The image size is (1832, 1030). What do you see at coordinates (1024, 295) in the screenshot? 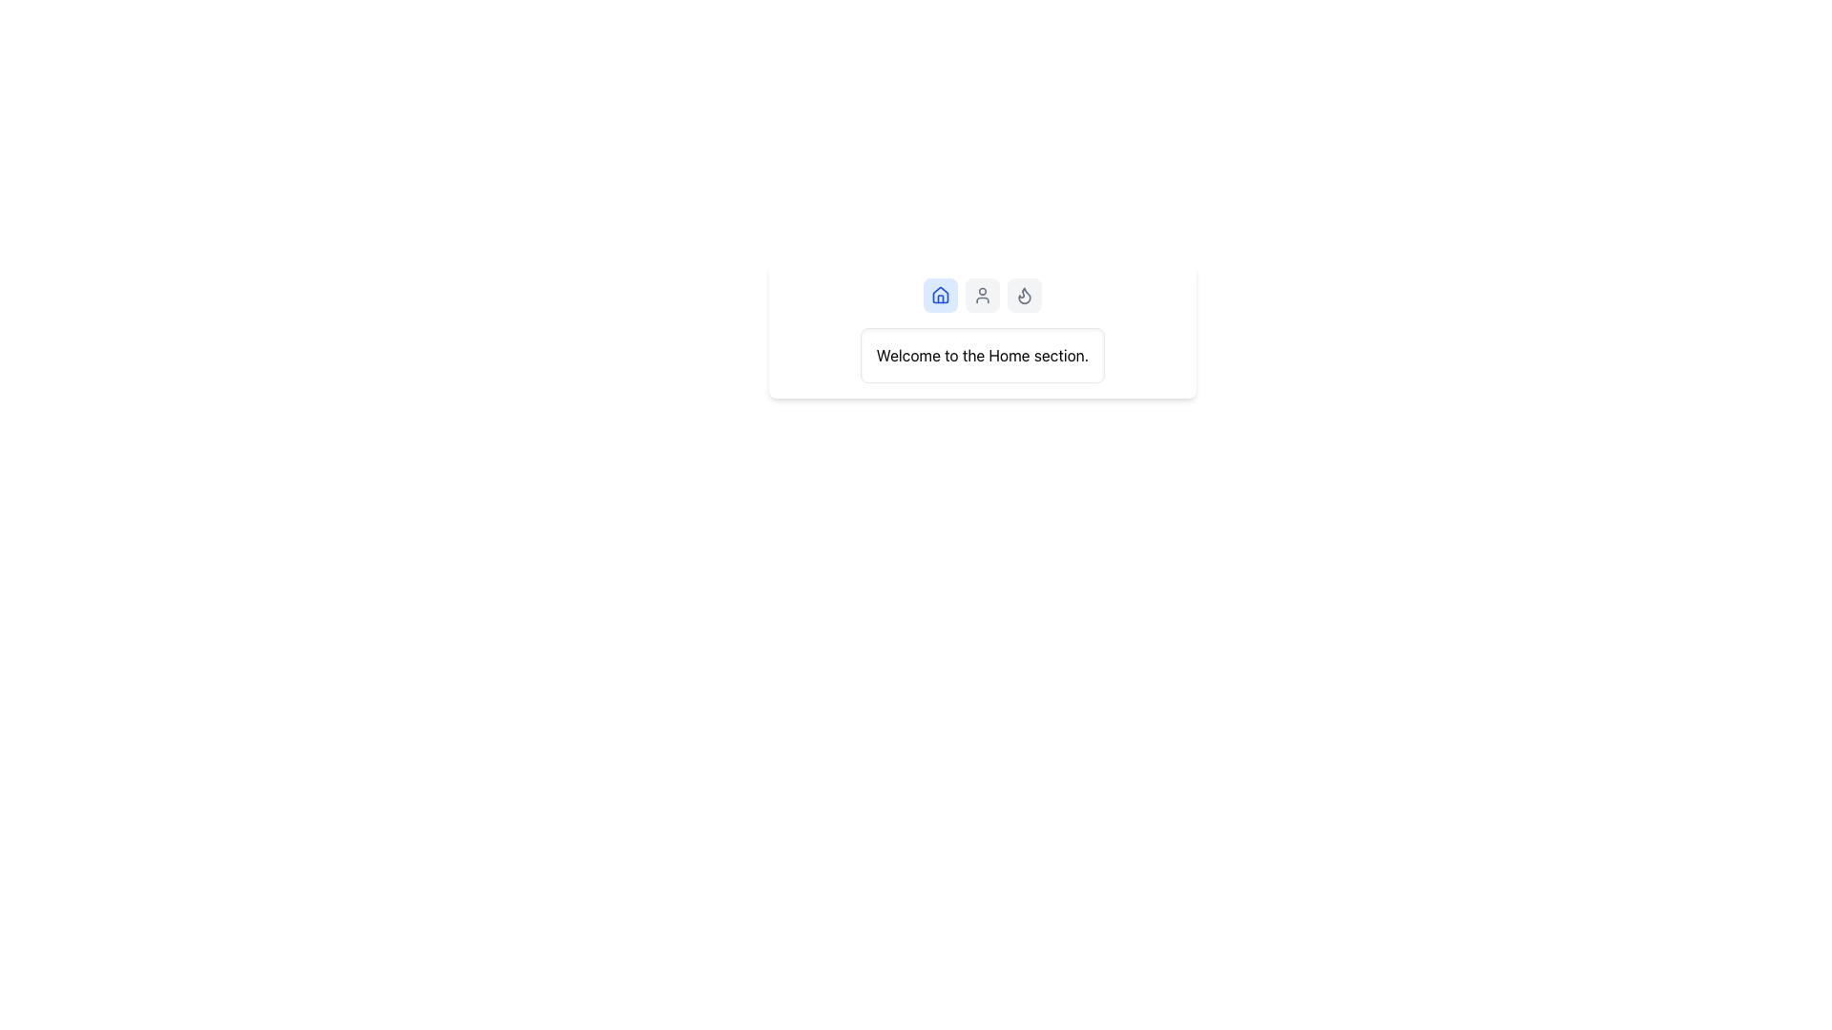
I see `the flame-shaped icon located in the rightmost position of a row of four icons near the top of a card component` at bounding box center [1024, 295].